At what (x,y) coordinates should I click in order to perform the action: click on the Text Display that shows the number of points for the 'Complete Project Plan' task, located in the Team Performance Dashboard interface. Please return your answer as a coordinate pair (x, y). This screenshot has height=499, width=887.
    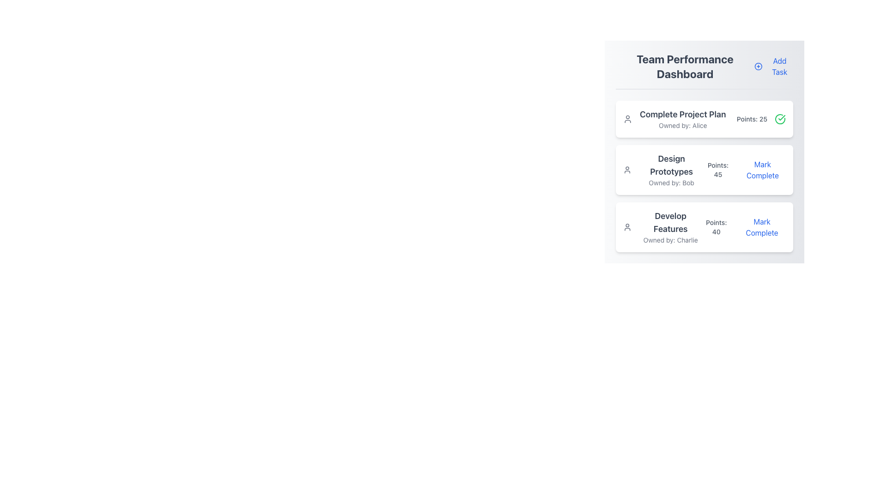
    Looking at the image, I should click on (752, 119).